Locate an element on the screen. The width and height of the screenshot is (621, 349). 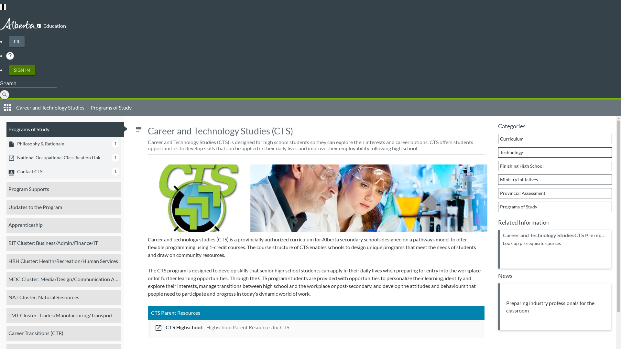
'Technology' is located at coordinates (555, 152).